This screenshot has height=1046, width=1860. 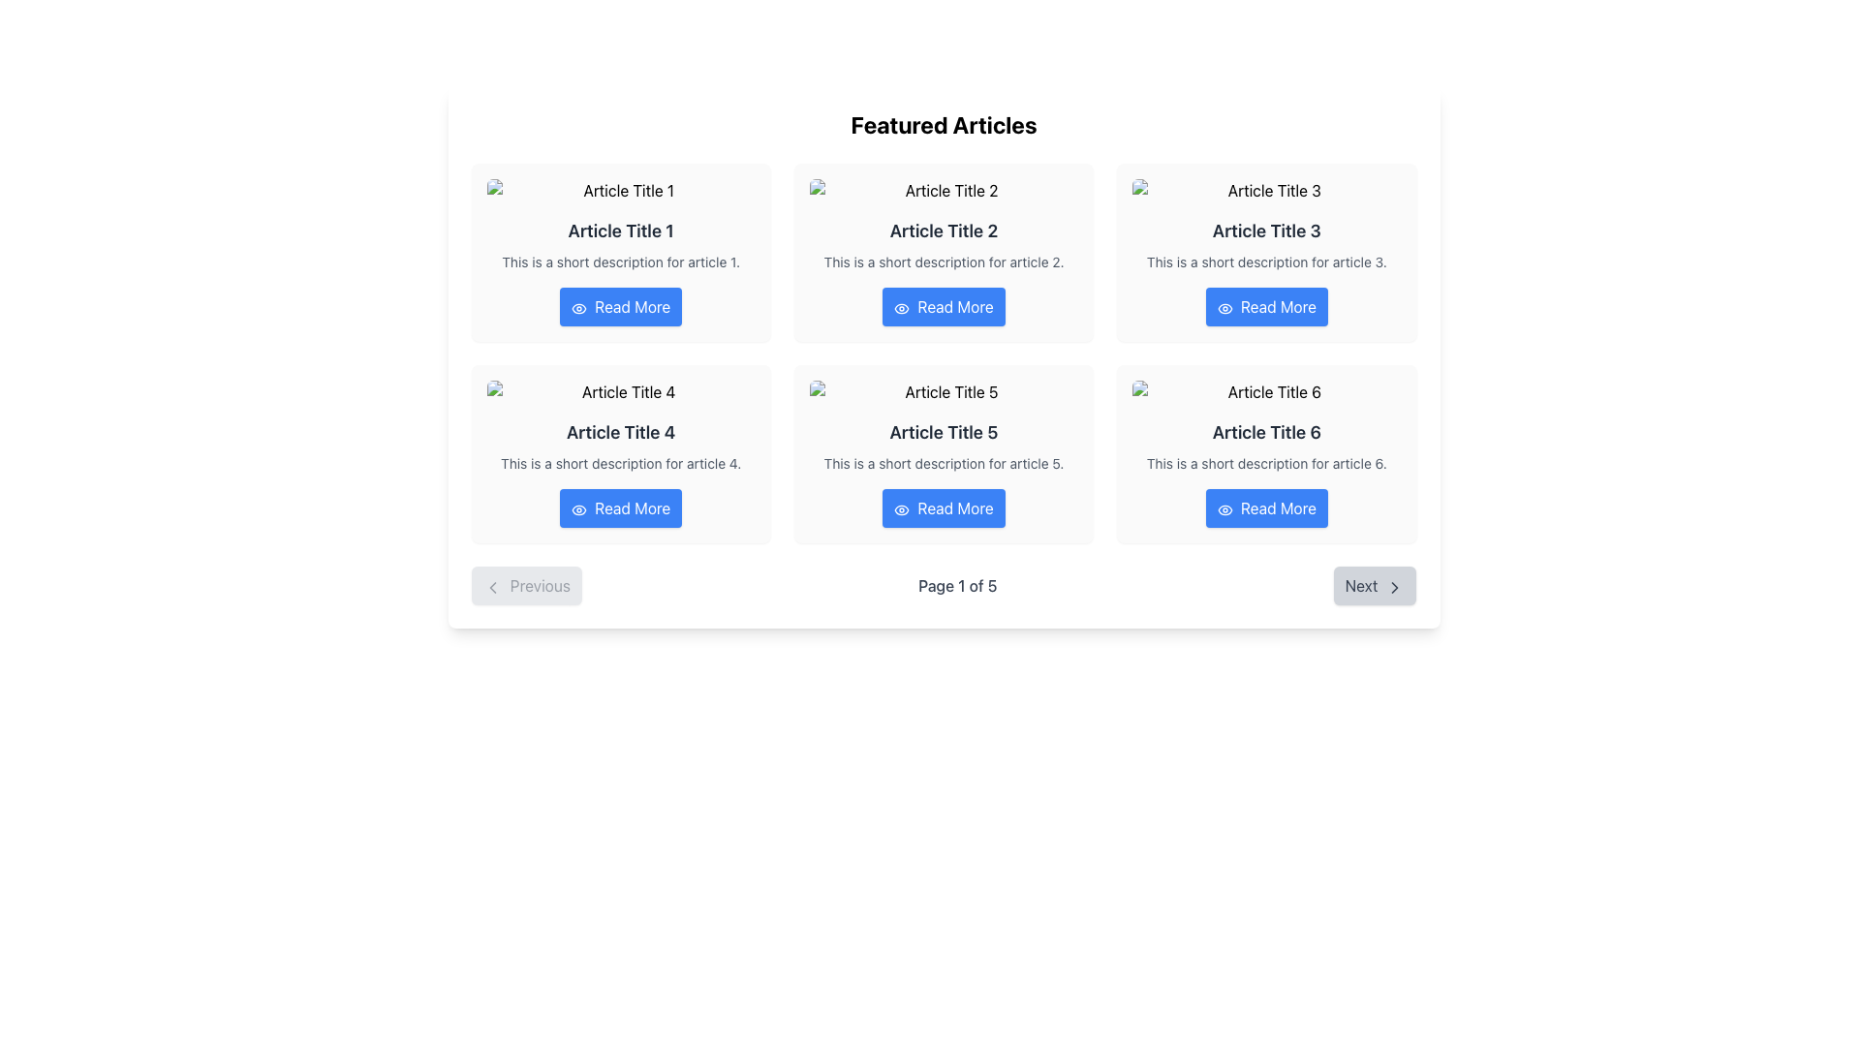 I want to click on the 'Featured Articles' text header, which is bold and large, centered at the top of the article cards section, so click(x=944, y=124).